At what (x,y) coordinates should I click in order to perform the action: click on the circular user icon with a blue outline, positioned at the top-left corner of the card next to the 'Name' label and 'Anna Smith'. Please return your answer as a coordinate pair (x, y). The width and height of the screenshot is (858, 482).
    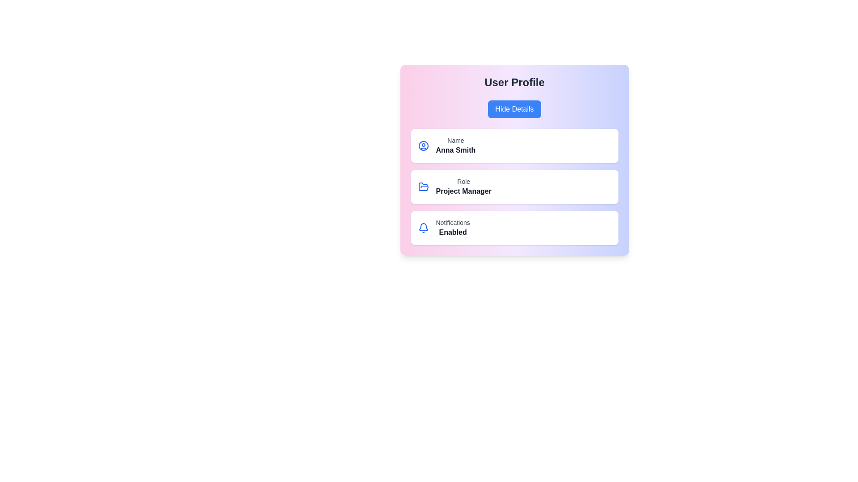
    Looking at the image, I should click on (423, 145).